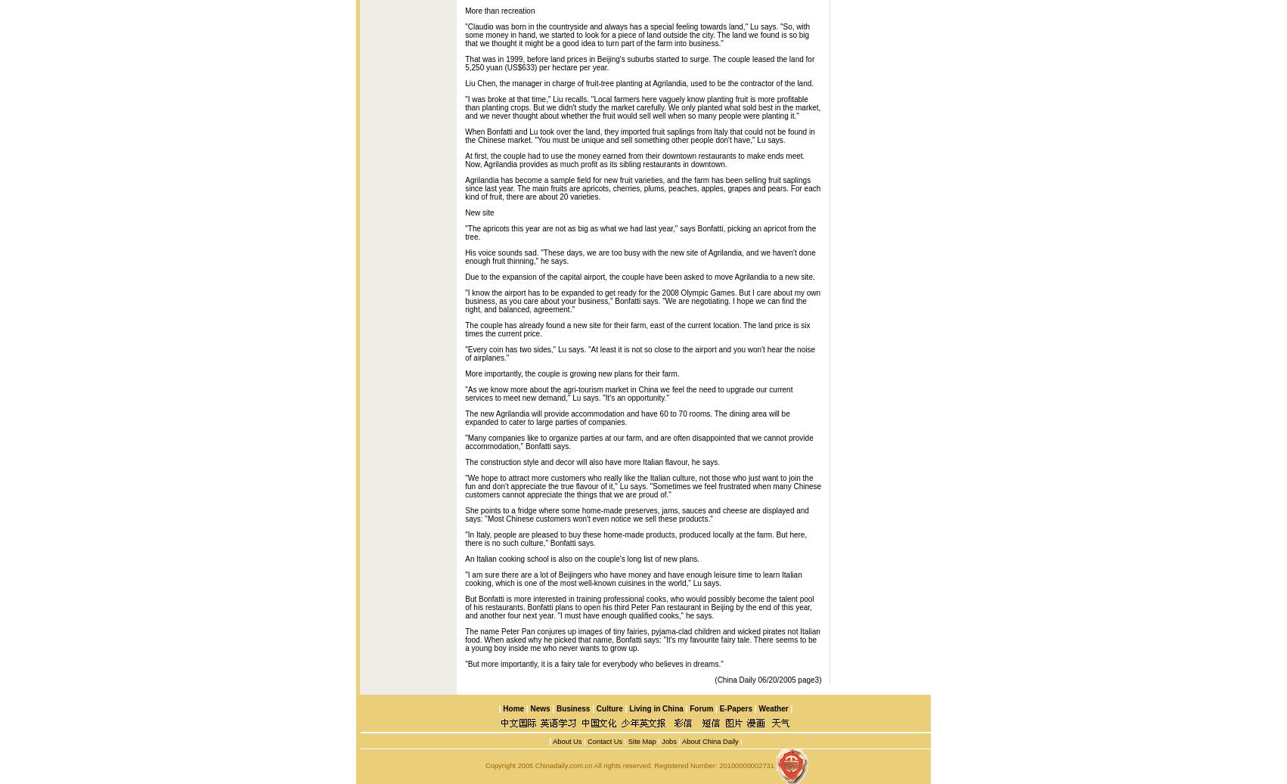  I want to click on 'The couple has already found a new site for their farm, east of the current location. The land price is six times the current price.', so click(464, 328).